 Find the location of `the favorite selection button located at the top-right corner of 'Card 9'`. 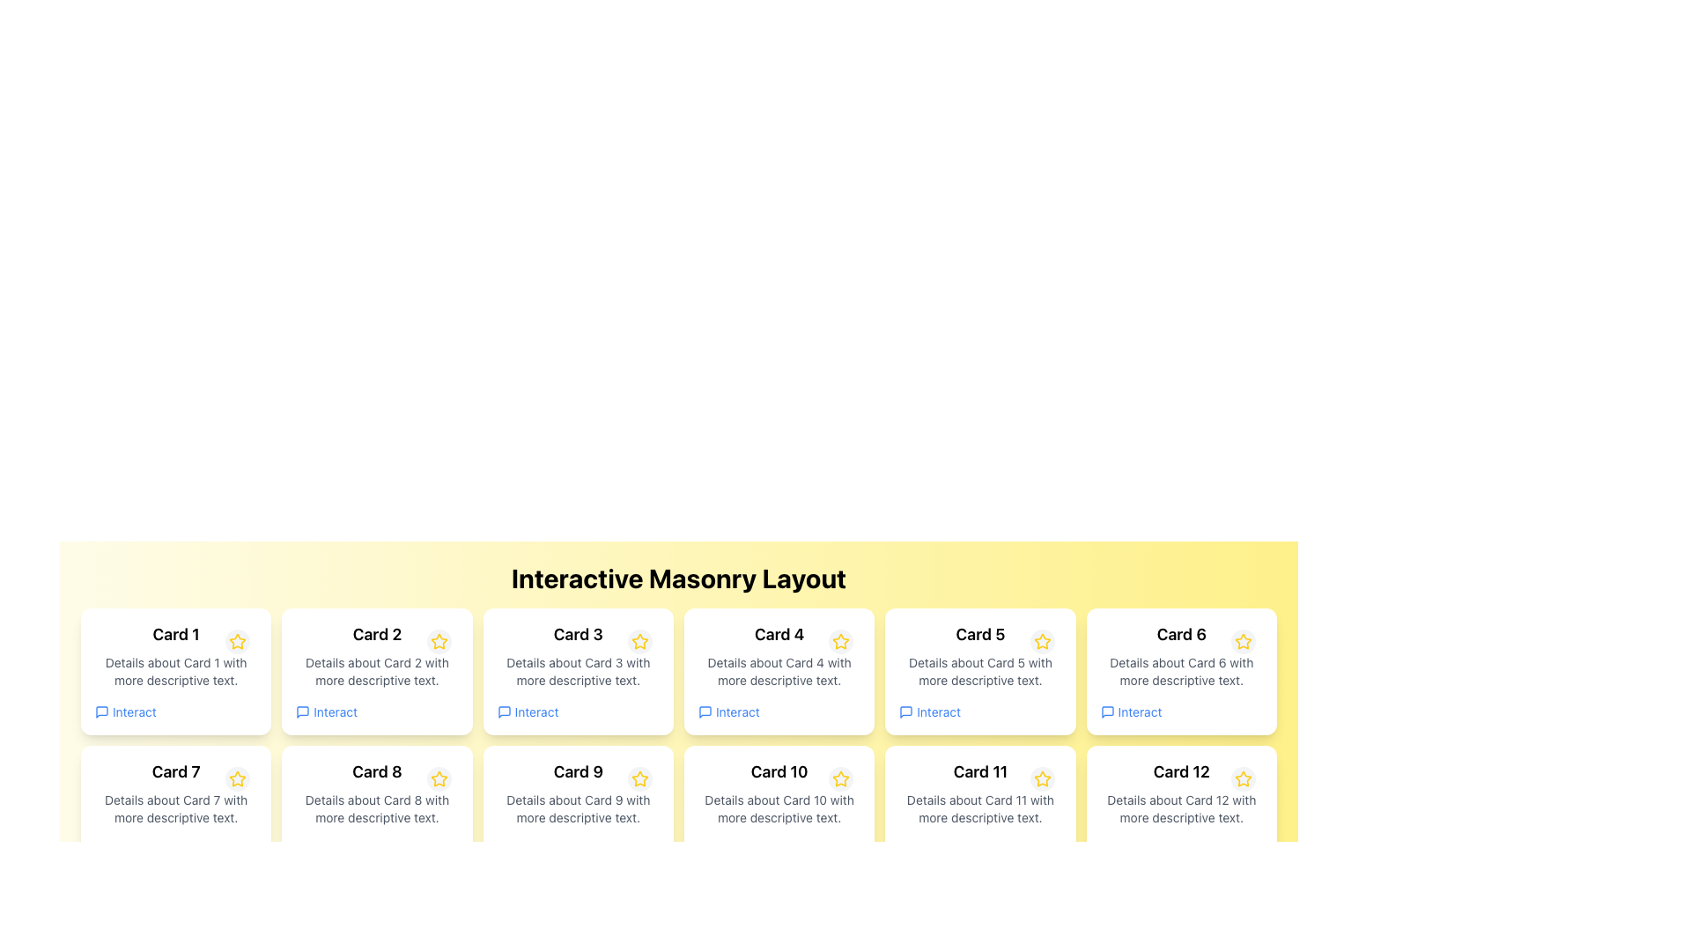

the favorite selection button located at the top-right corner of 'Card 9' is located at coordinates (639, 779).